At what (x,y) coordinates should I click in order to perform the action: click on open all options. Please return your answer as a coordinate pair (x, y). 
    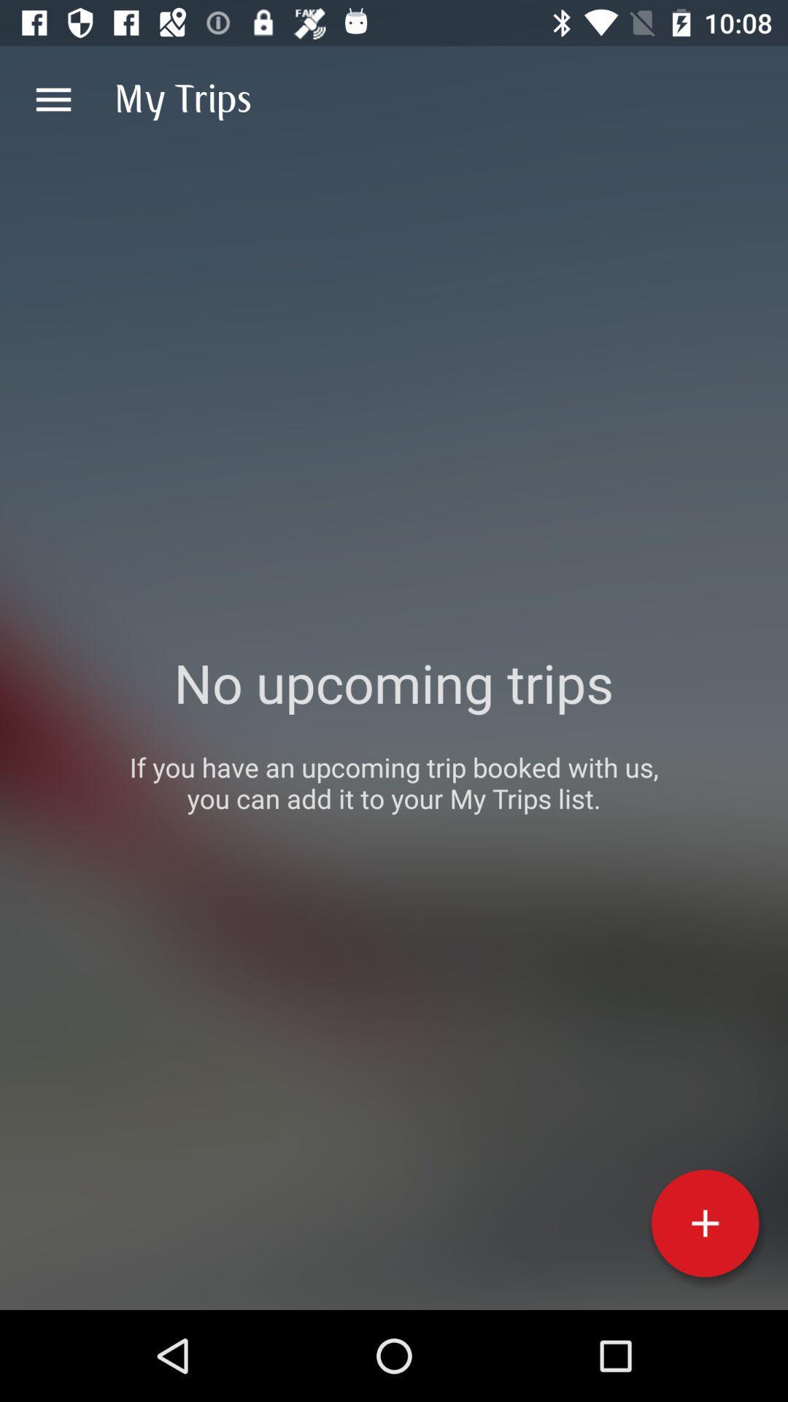
    Looking at the image, I should click on (53, 99).